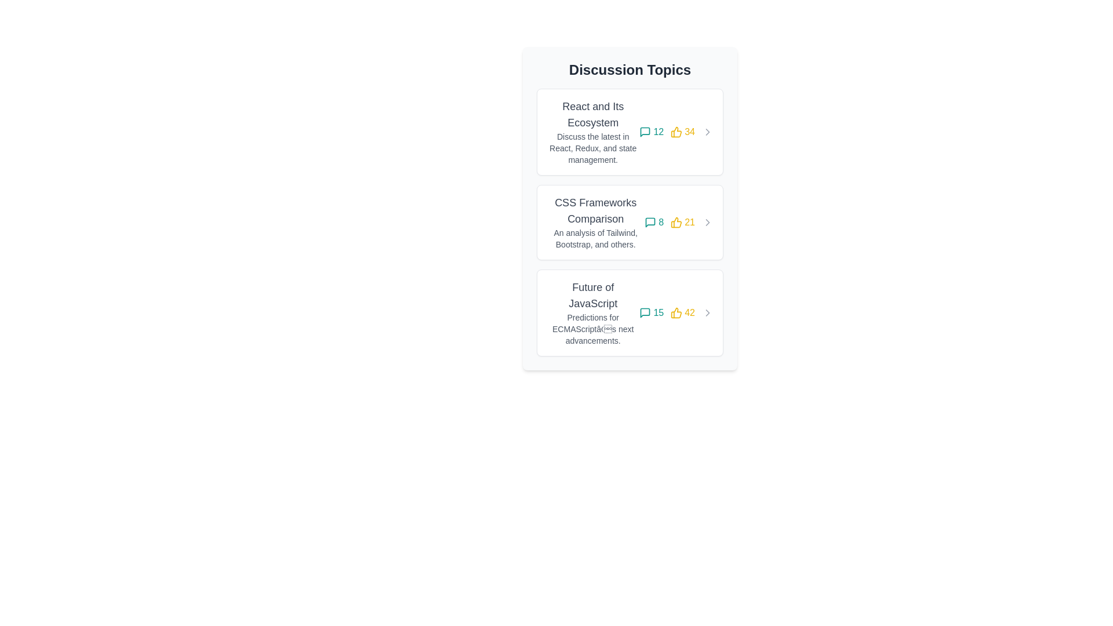  Describe the element at coordinates (682, 223) in the screenshot. I see `the yellow thumbs-up icon and number '21' in the second box of the 'Discussion Topics' list to associate the thumbs-up icon with the count` at that location.